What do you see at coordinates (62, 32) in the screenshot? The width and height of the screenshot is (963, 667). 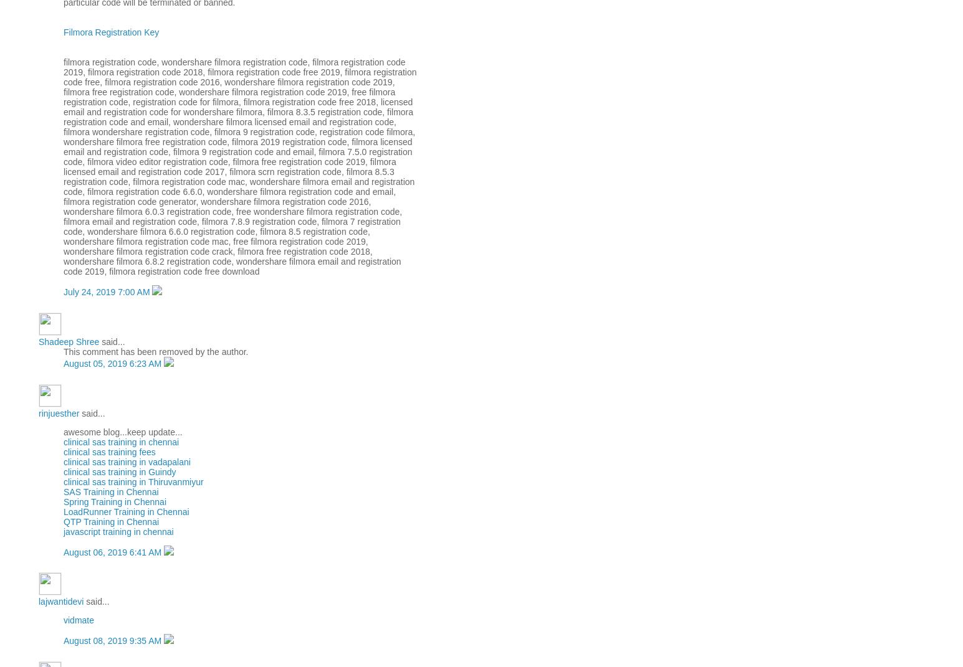 I see `'Filmora Registration Key'` at bounding box center [62, 32].